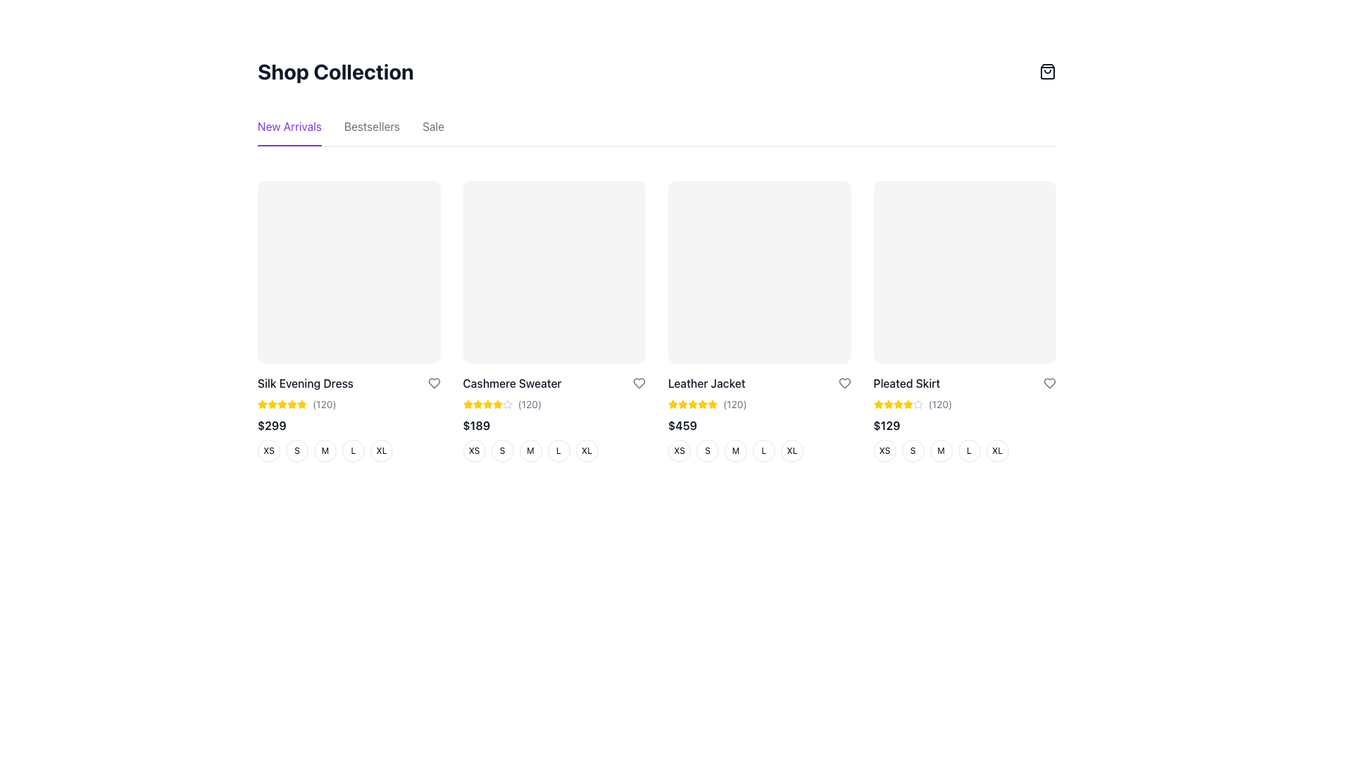 The width and height of the screenshot is (1352, 760). I want to click on the size selector button labeled 'S' for the 'Cashmere Sweater', so click(502, 450).